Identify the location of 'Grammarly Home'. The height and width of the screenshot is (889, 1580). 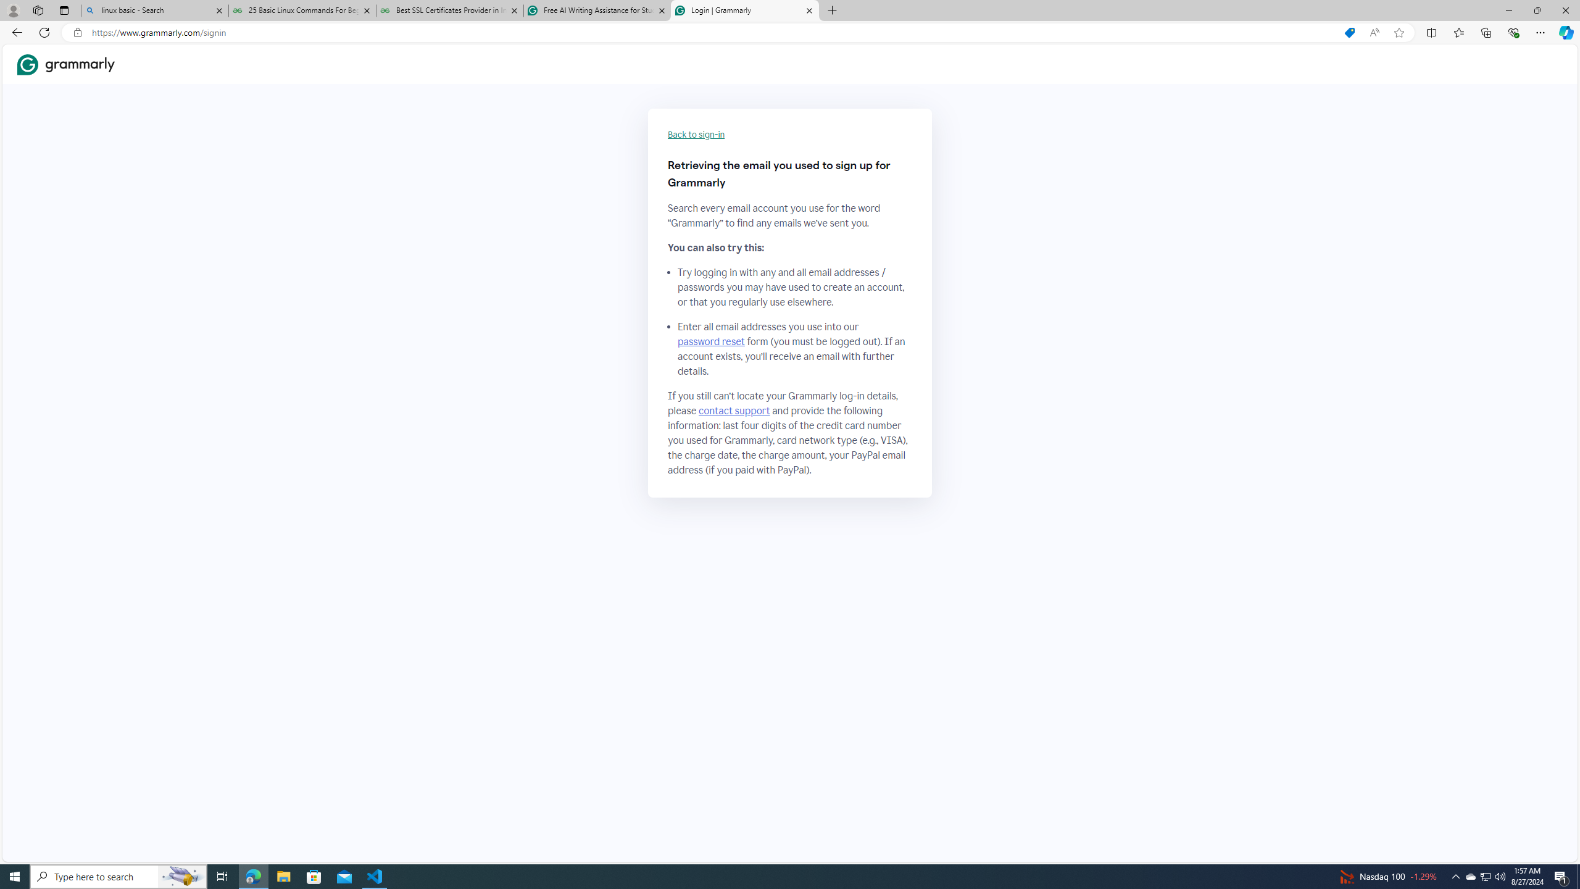
(65, 64).